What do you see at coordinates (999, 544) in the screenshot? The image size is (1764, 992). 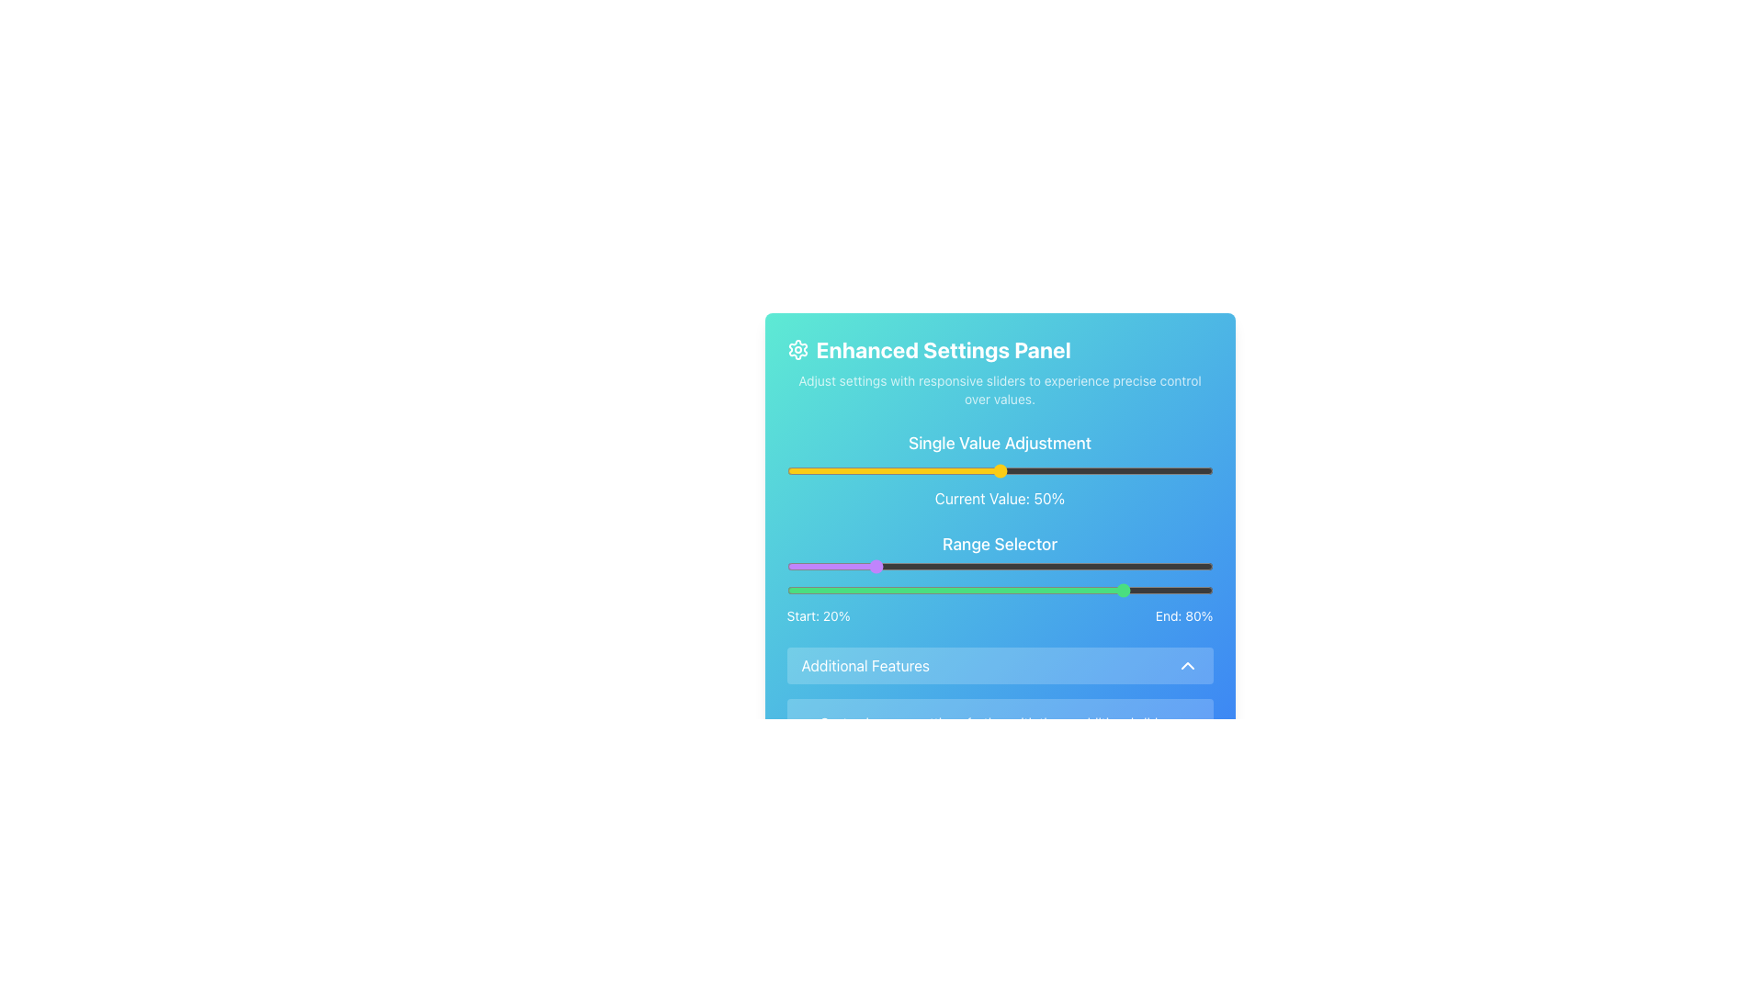 I see `the header text element for the 'Range Selector' section within the settings panel, which is located between the 'Current Value' display and two range sliders` at bounding box center [999, 544].